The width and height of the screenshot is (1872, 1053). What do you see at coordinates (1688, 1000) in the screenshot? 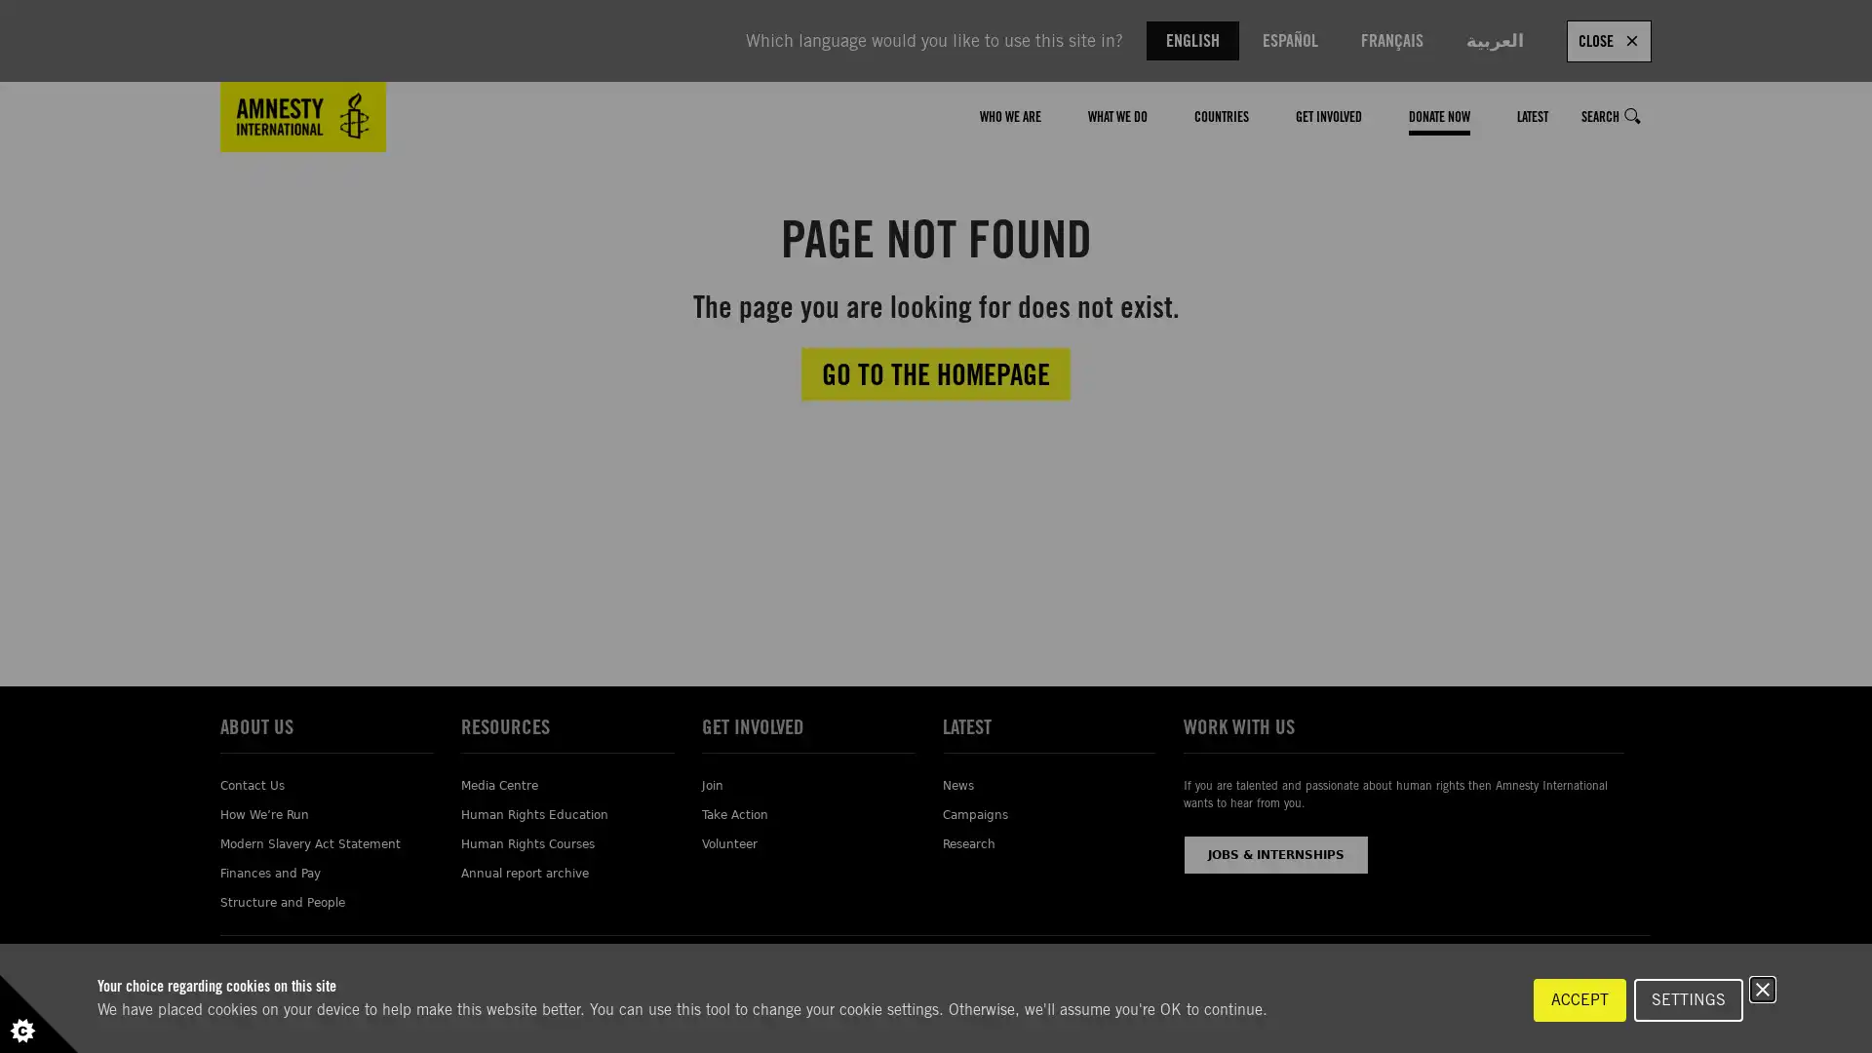
I see `SETTINGS` at bounding box center [1688, 1000].